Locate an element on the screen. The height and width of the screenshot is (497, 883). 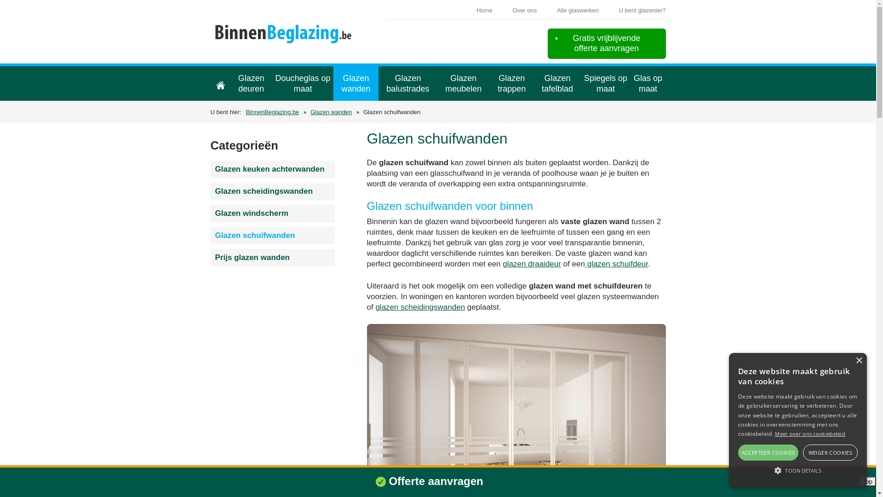
'Glazen balustrades' is located at coordinates (407, 83).